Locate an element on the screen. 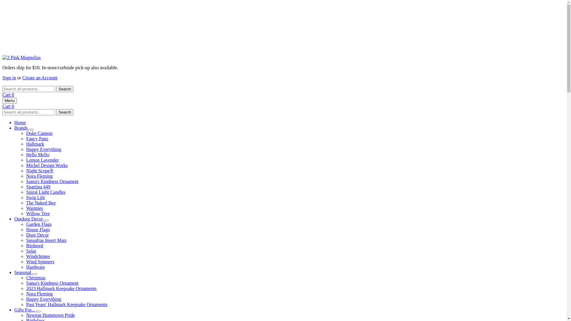 The image size is (571, 321). 'Michel Design Works' is located at coordinates (47, 165).